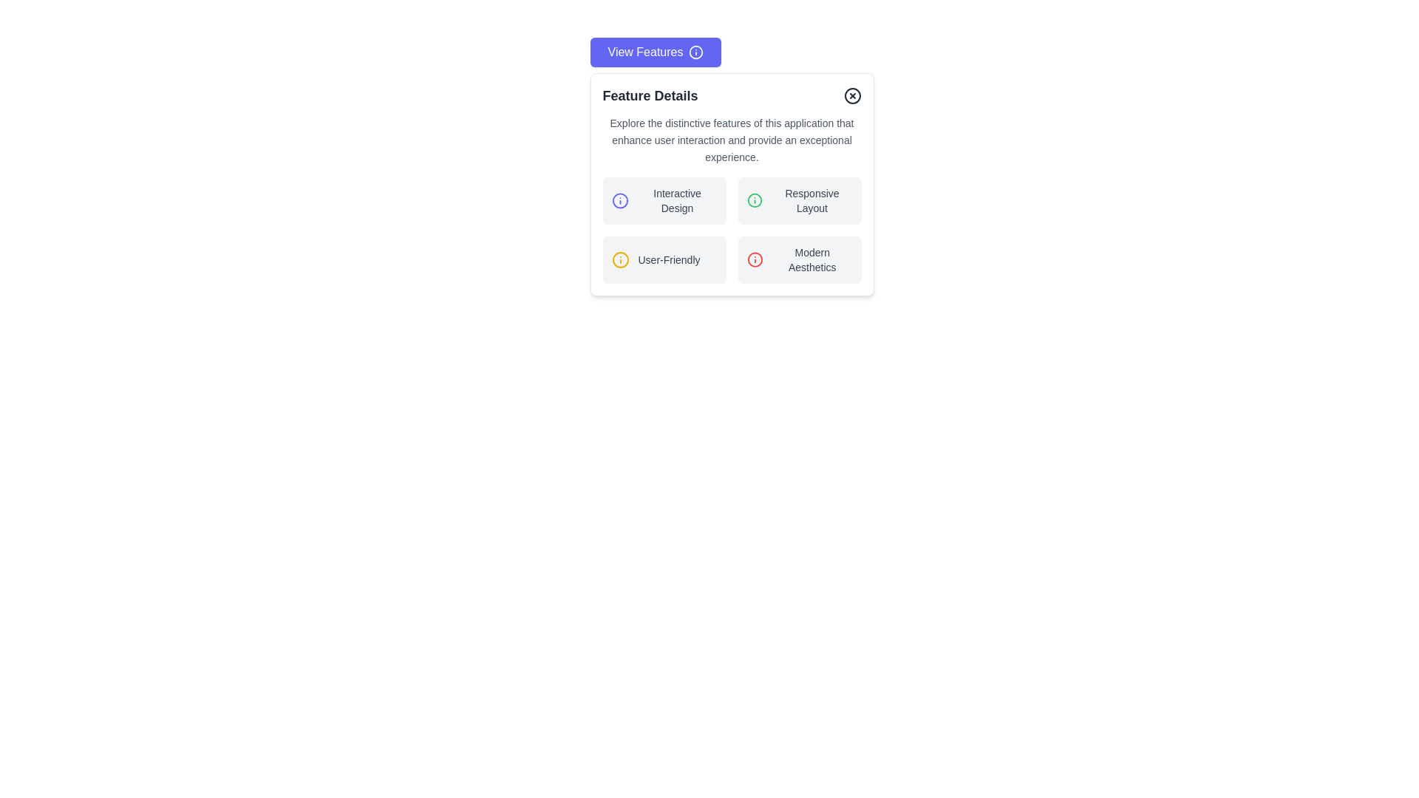 The image size is (1419, 798). I want to click on the Informational label with the icon and text reading 'User-Friendly' for accessibility navigation, so click(663, 259).